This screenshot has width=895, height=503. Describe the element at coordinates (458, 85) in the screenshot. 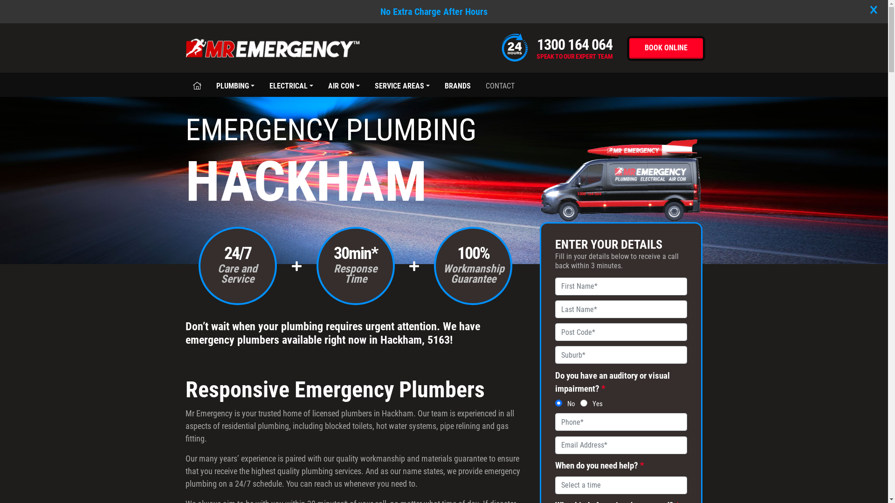

I see `'BRANDS'` at that location.